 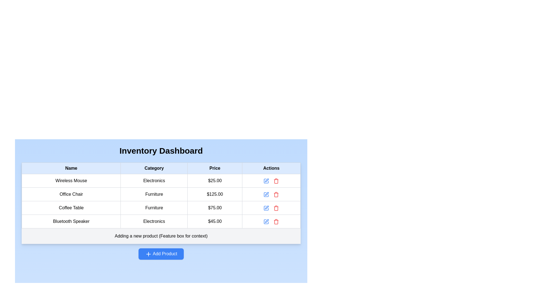 What do you see at coordinates (276, 195) in the screenshot?
I see `the red trash icon located in the 'Actions' column of the 'Inventory Dashboard' table, next to the 'Price' of the 'Office Chair' record` at bounding box center [276, 195].